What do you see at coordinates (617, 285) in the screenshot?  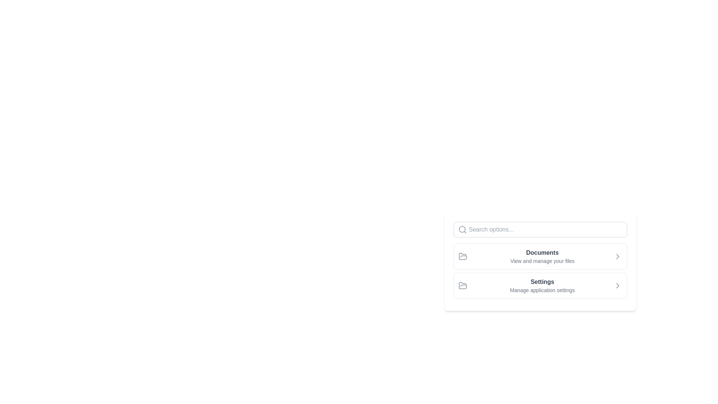 I see `the small right-facing chevron icon, styled with a thin gray line, located to the right of 'Manage application settings' within the 'Settings' section` at bounding box center [617, 285].